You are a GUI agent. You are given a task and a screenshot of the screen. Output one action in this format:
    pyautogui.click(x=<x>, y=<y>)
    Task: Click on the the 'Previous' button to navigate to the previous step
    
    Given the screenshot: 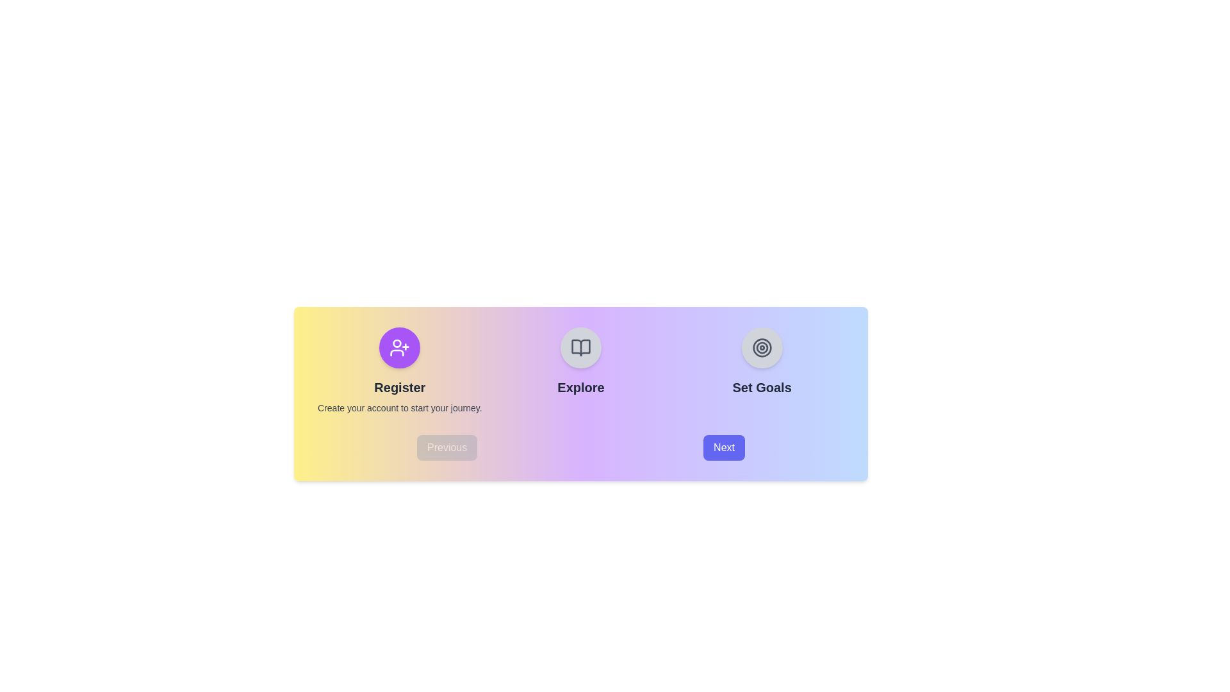 What is the action you would take?
    pyautogui.click(x=447, y=447)
    